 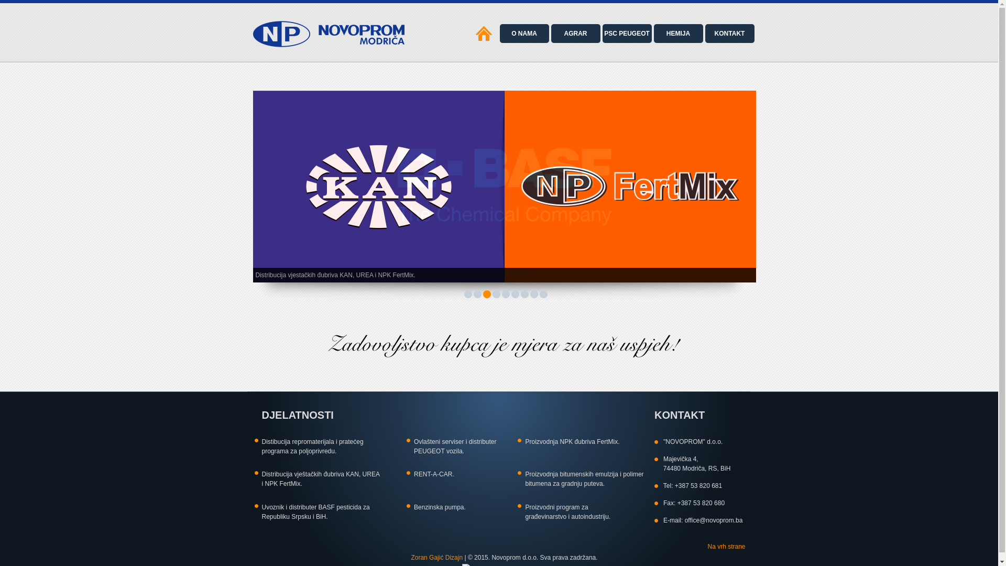 What do you see at coordinates (729, 33) in the screenshot?
I see `'KONTAKT'` at bounding box center [729, 33].